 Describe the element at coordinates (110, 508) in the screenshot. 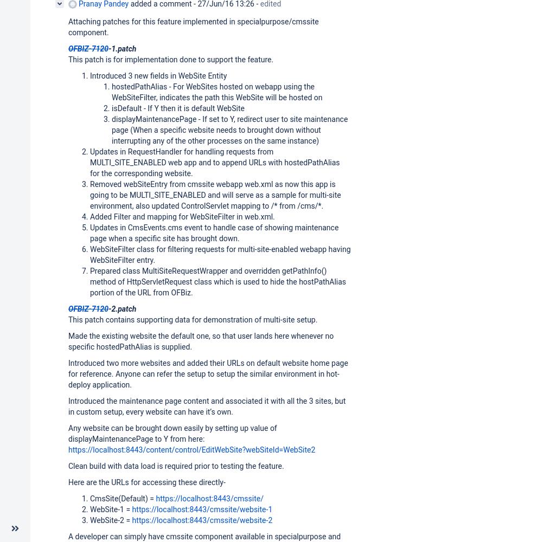

I see `'WebSite-1 ='` at that location.